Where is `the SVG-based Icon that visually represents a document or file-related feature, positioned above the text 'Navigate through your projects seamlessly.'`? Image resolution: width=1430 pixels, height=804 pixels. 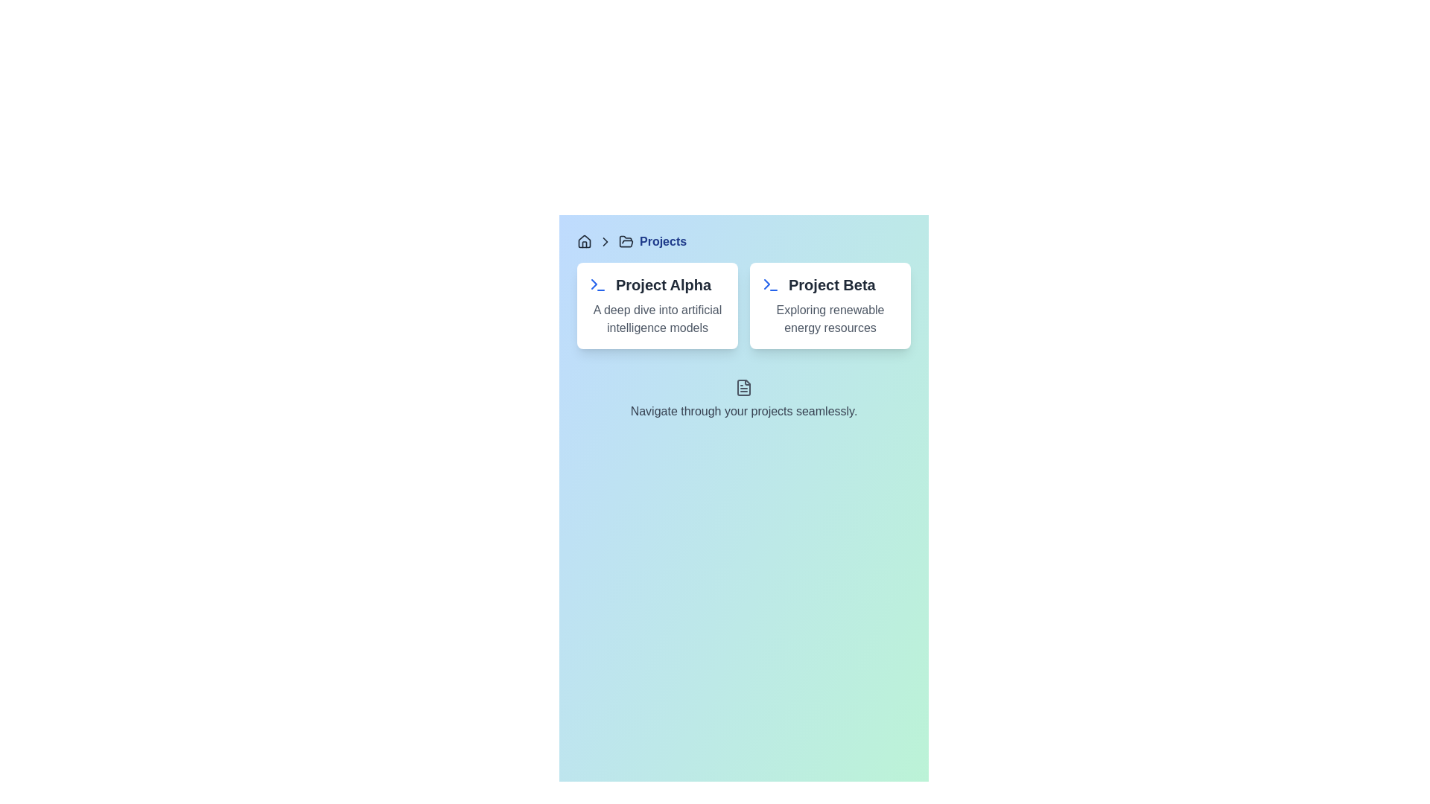
the SVG-based Icon that visually represents a document or file-related feature, positioned above the text 'Navigate through your projects seamlessly.' is located at coordinates (743, 386).